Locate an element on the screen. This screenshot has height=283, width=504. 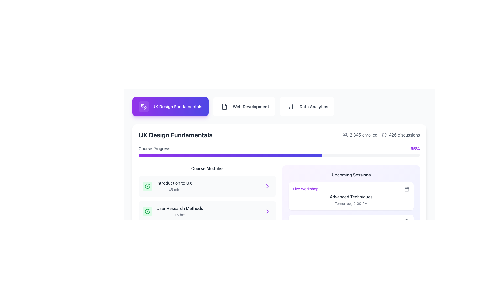
the SVG icon representing a group of users located at the bottom-right corner of the 'Group Discussion' section is located at coordinates (407, 221).